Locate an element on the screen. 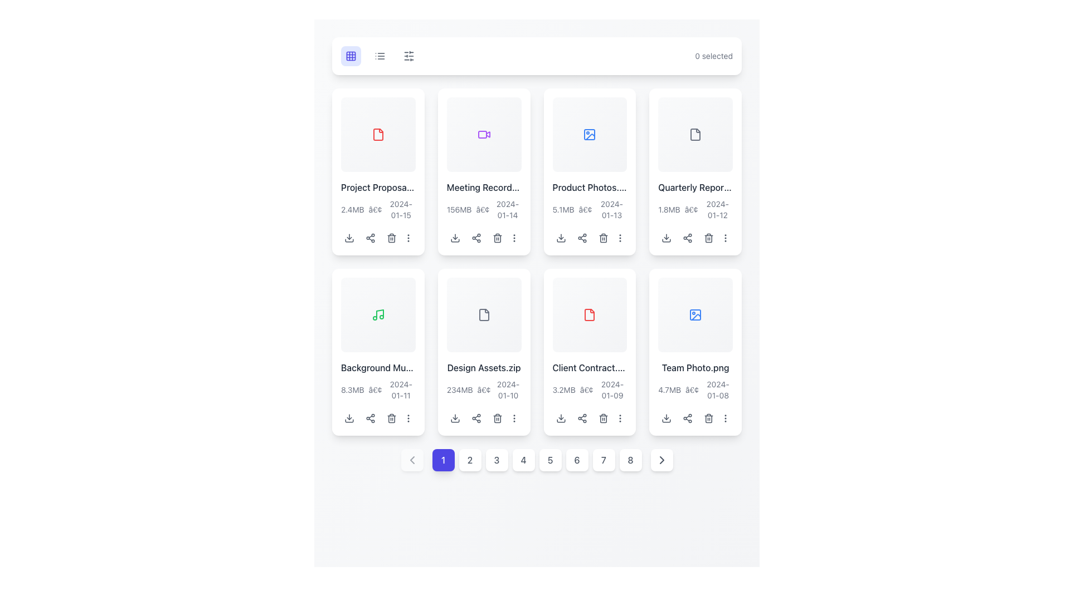 This screenshot has height=601, width=1070. the static text label displaying the date '2024-01-08', located at the bottom-right corner of the card labeled 'Team Photo.png', which is styled in small, gray text is located at coordinates (718, 389).